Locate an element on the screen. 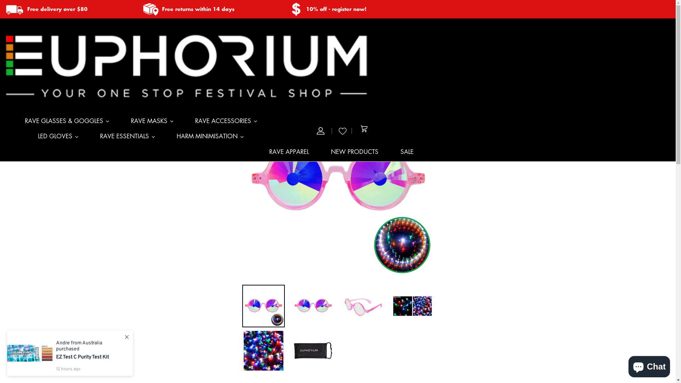  '10% off - register now!' is located at coordinates (306, 9).